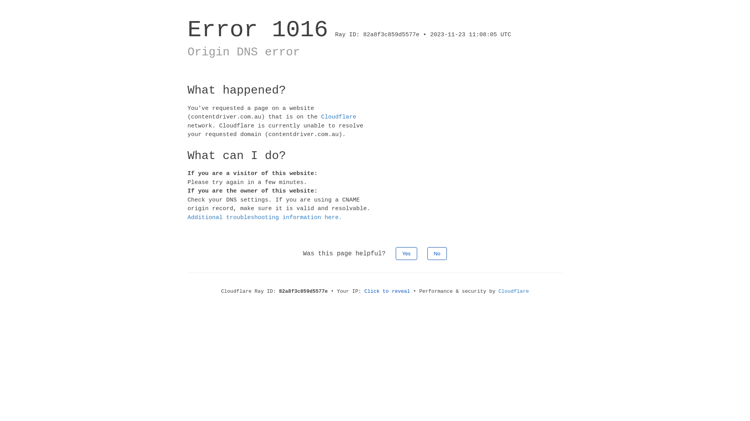 Image resolution: width=750 pixels, height=421 pixels. I want to click on 'No', so click(427, 253).